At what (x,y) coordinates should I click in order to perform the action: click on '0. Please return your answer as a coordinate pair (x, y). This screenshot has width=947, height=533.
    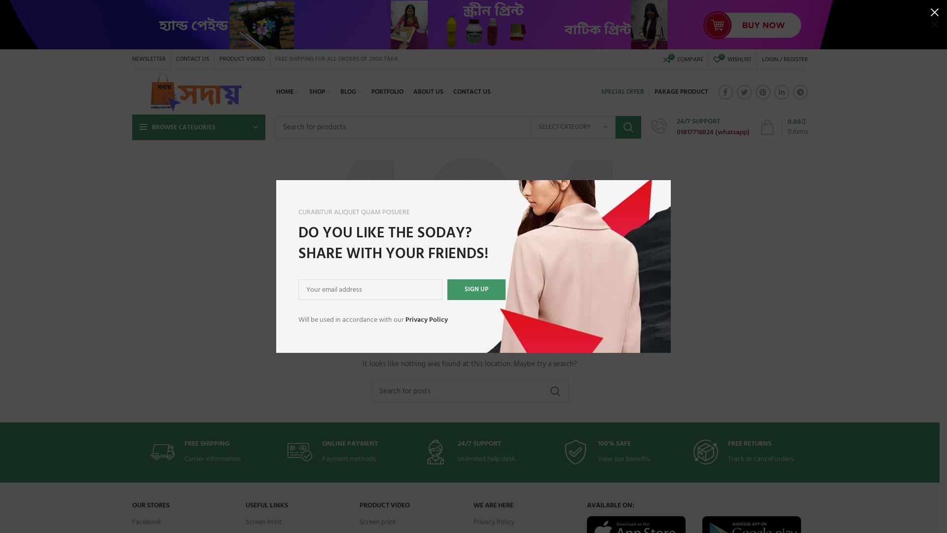
    Looking at the image, I should click on (682, 59).